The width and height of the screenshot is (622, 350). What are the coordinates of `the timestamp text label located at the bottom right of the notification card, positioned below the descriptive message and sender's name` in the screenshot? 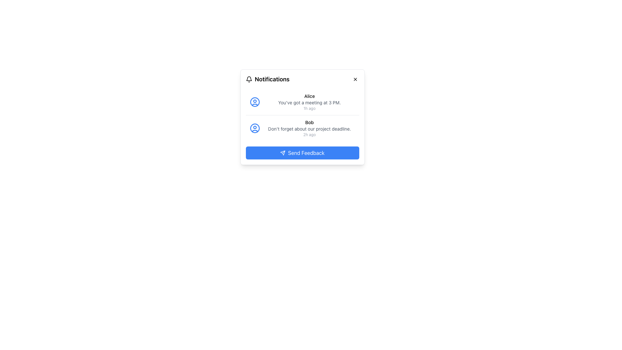 It's located at (309, 108).